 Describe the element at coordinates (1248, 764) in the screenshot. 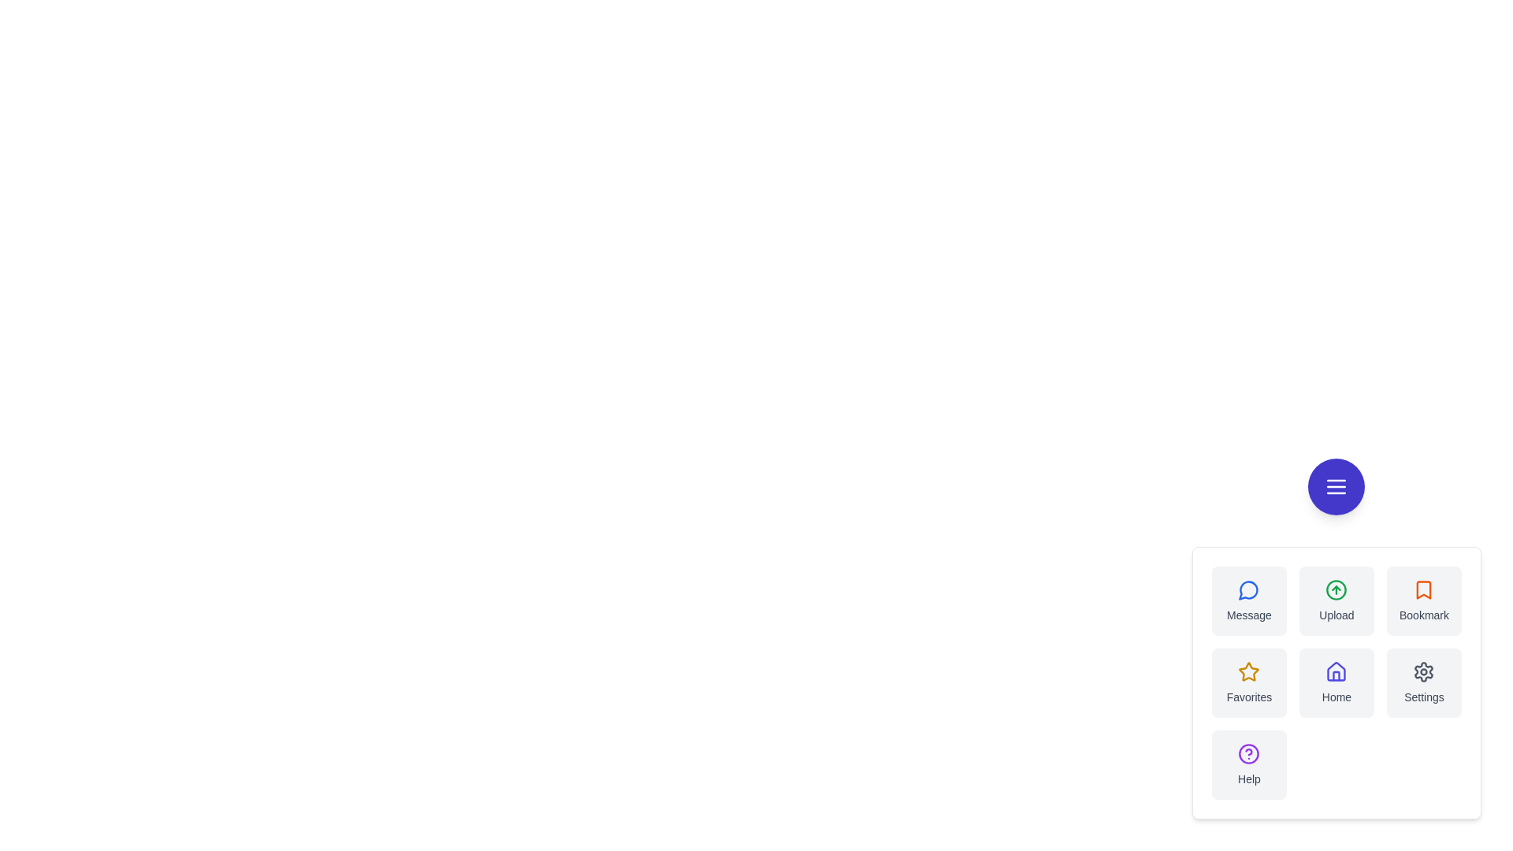

I see `the Help button in the speed dial menu` at that location.